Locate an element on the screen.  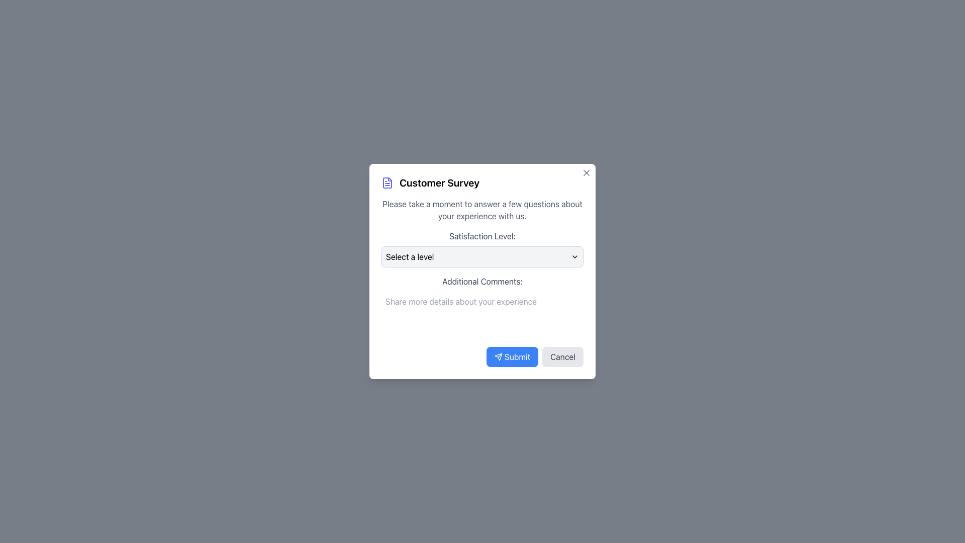
the dropdown menu labeled 'Select a level' is located at coordinates (482, 256).